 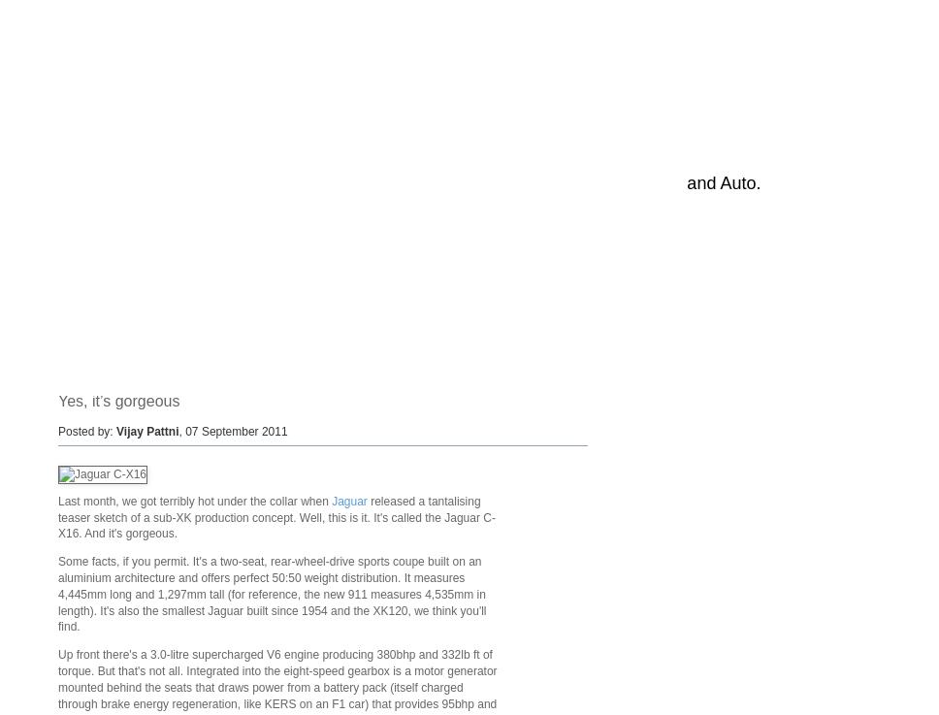 What do you see at coordinates (57, 593) in the screenshot?
I see `'Some facts, if you permit. It's a two-seat, rear-wheel-drive sports coupe built on an aluminium architecture and offers perfect 50:50 weight distribution. It measures 4,445mm long and 1,297mm tall (for reference, the new 911 measures 4,535mm in length). It's also the smallest Jaguar built since 1954 and the XK120, we think you'll find.'` at bounding box center [57, 593].